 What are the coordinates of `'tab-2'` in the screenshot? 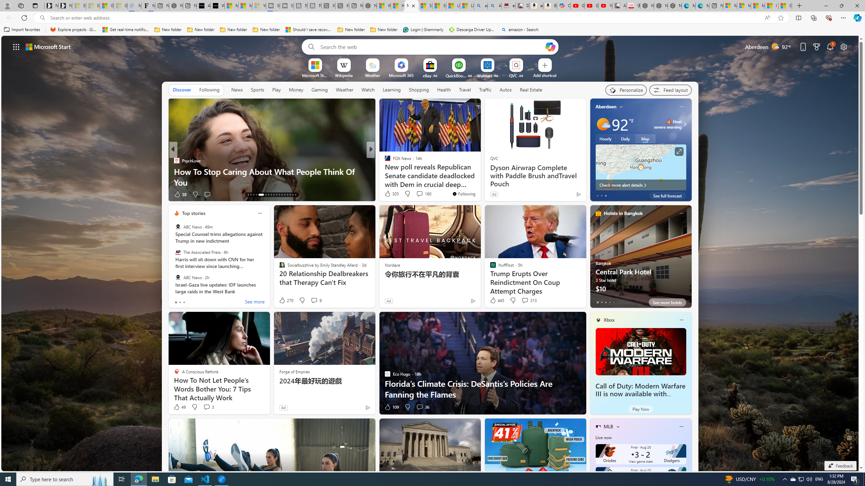 It's located at (606, 302).